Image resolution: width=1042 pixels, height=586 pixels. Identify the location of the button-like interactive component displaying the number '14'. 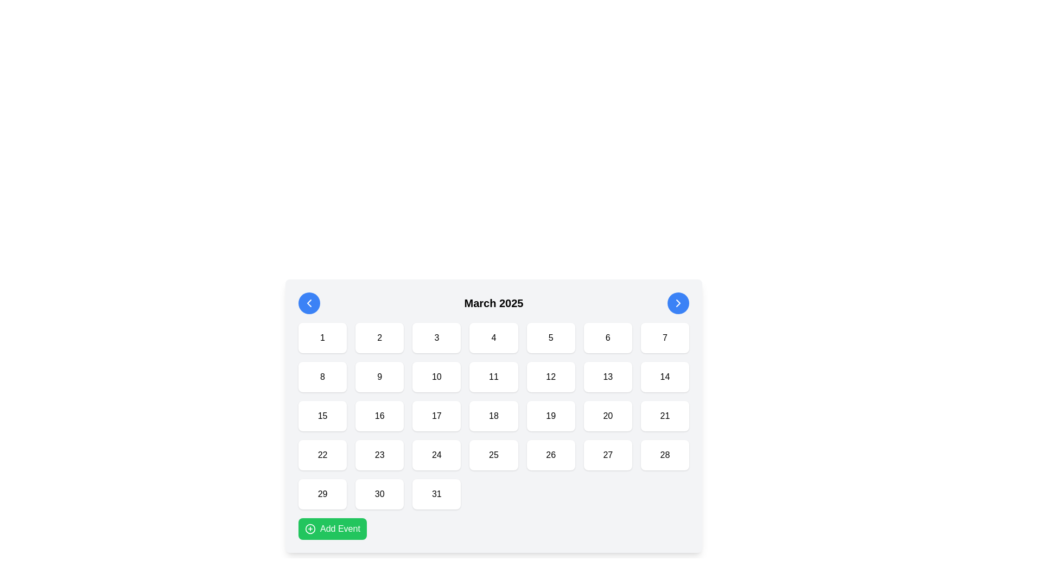
(664, 376).